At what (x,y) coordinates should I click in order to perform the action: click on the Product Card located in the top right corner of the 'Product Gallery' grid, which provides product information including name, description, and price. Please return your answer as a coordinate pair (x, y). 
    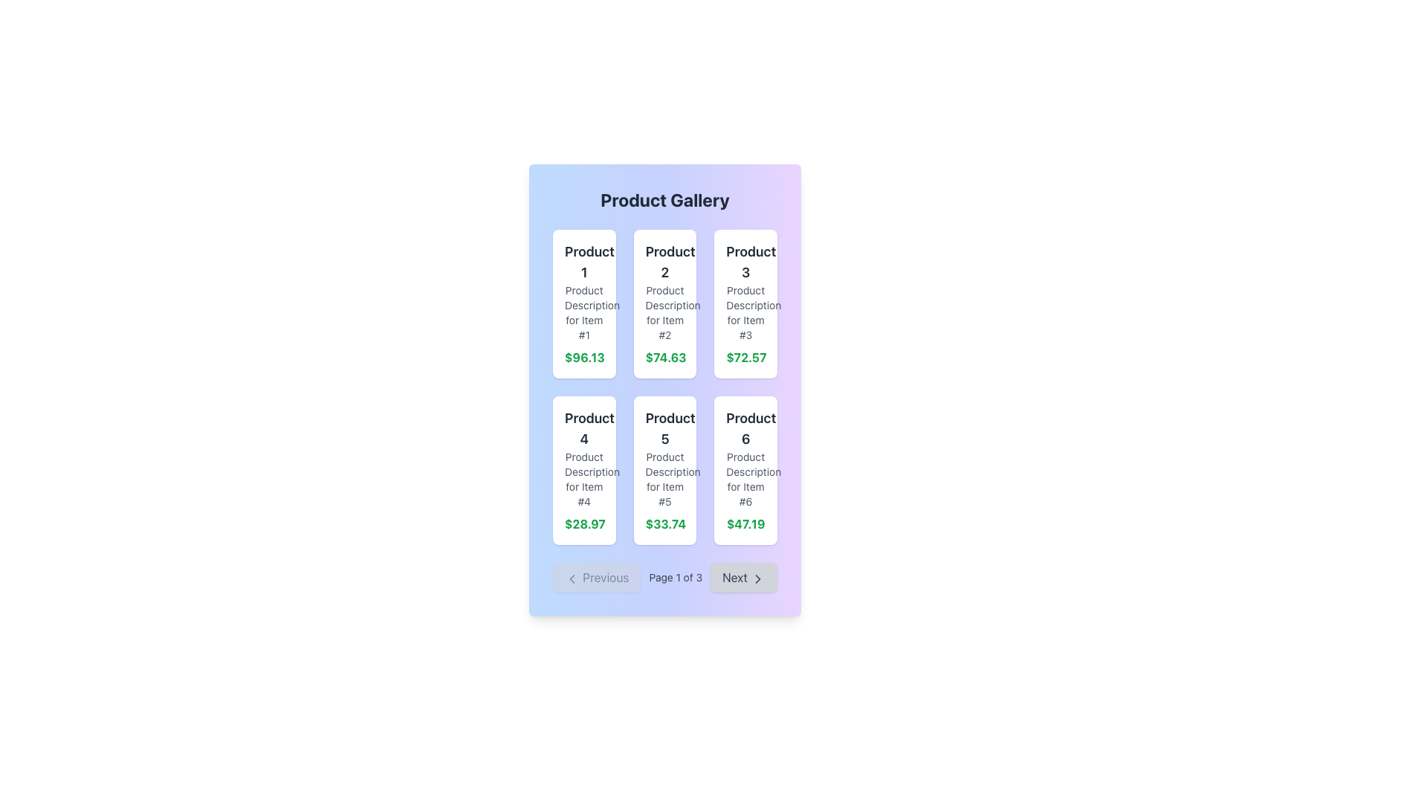
    Looking at the image, I should click on (745, 303).